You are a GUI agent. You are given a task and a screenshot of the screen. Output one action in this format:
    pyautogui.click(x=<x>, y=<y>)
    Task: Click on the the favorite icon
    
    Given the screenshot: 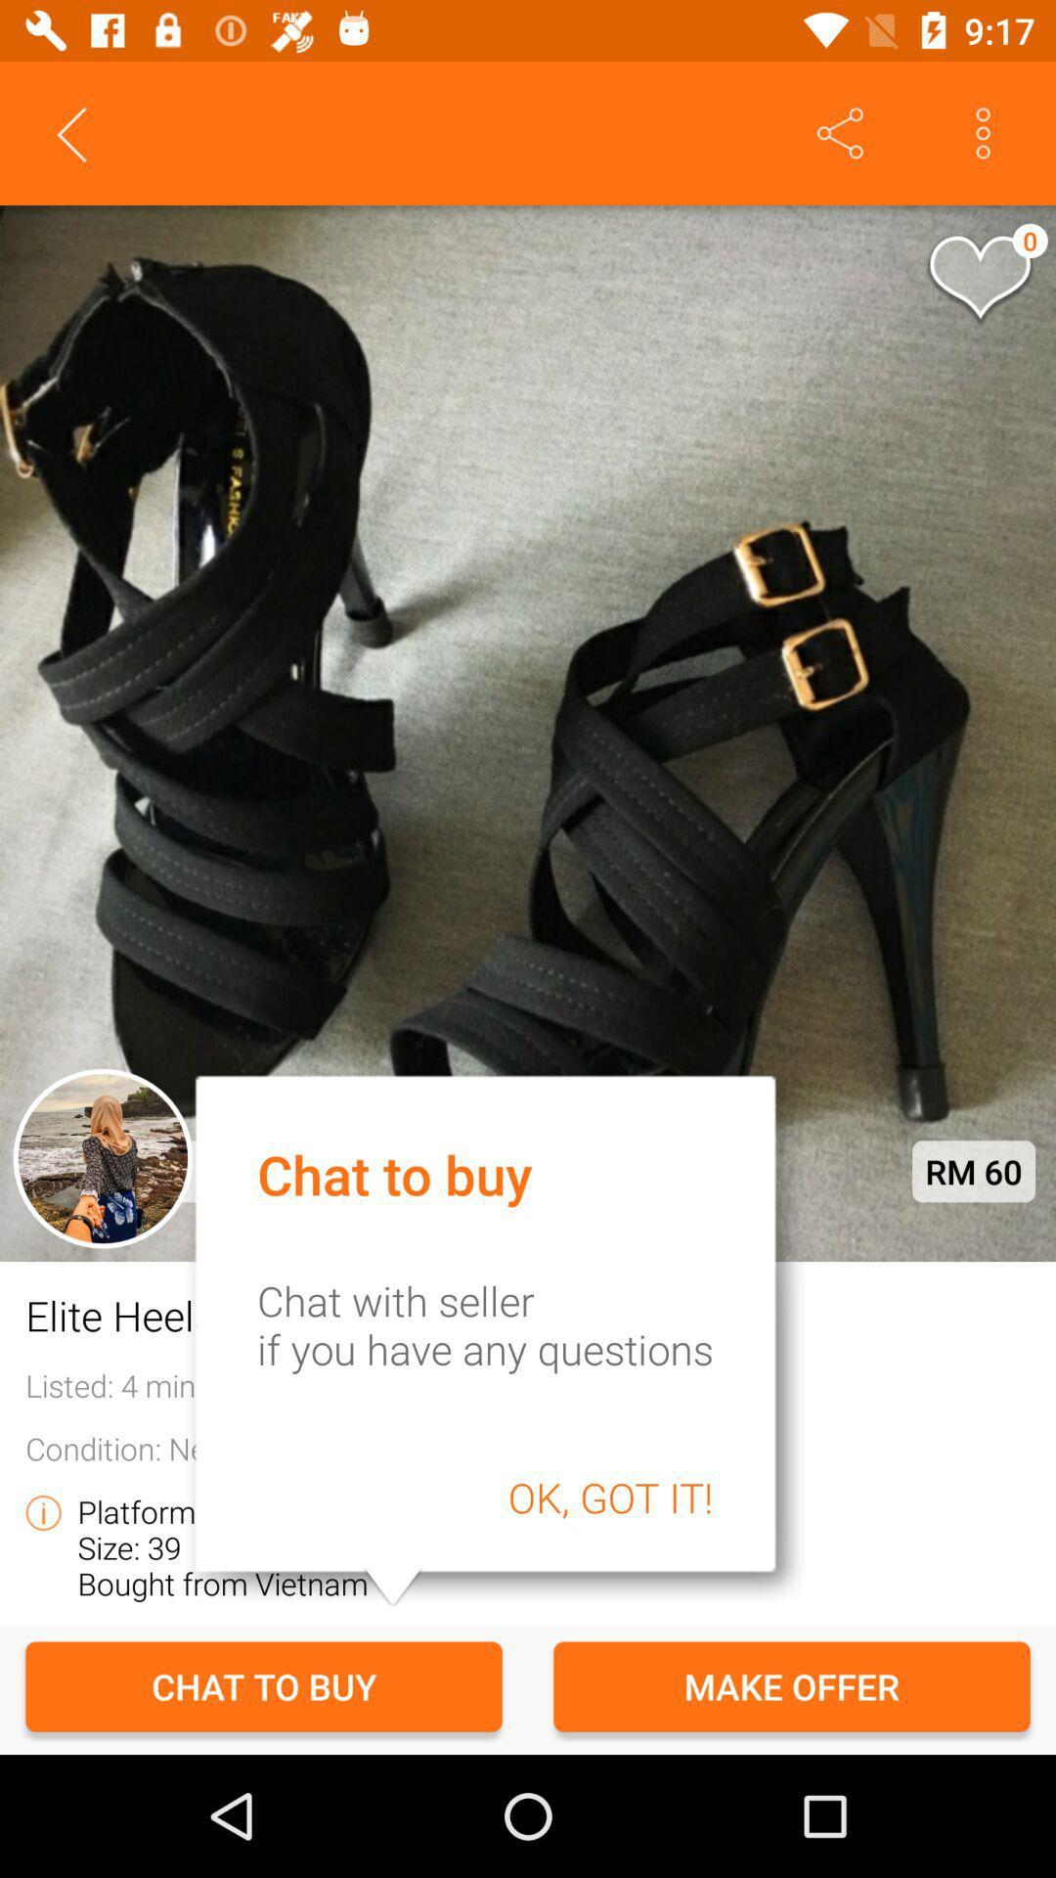 What is the action you would take?
    pyautogui.click(x=979, y=279)
    